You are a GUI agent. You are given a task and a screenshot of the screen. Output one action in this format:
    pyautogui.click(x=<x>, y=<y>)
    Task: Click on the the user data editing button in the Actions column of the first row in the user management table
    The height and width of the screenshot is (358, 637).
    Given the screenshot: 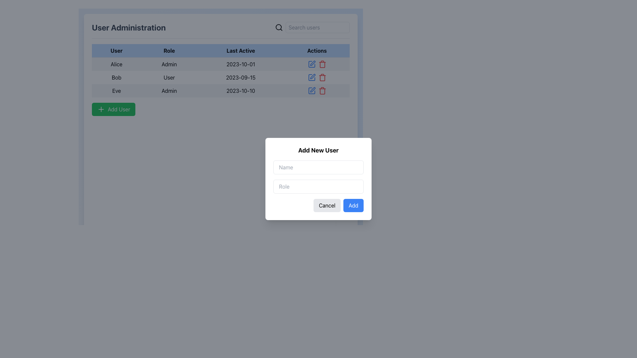 What is the action you would take?
    pyautogui.click(x=311, y=64)
    